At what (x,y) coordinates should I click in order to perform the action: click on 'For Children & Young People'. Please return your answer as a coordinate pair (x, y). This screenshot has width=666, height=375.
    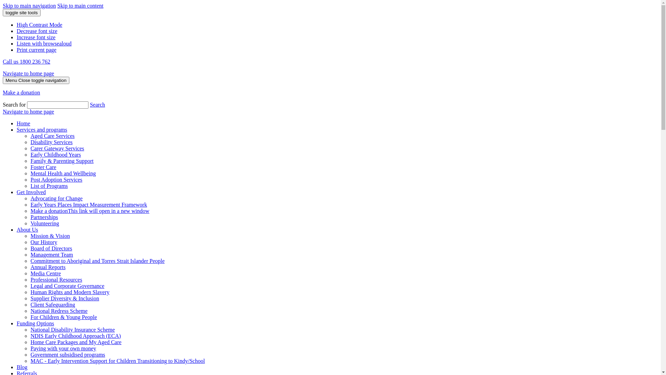
    Looking at the image, I should click on (63, 317).